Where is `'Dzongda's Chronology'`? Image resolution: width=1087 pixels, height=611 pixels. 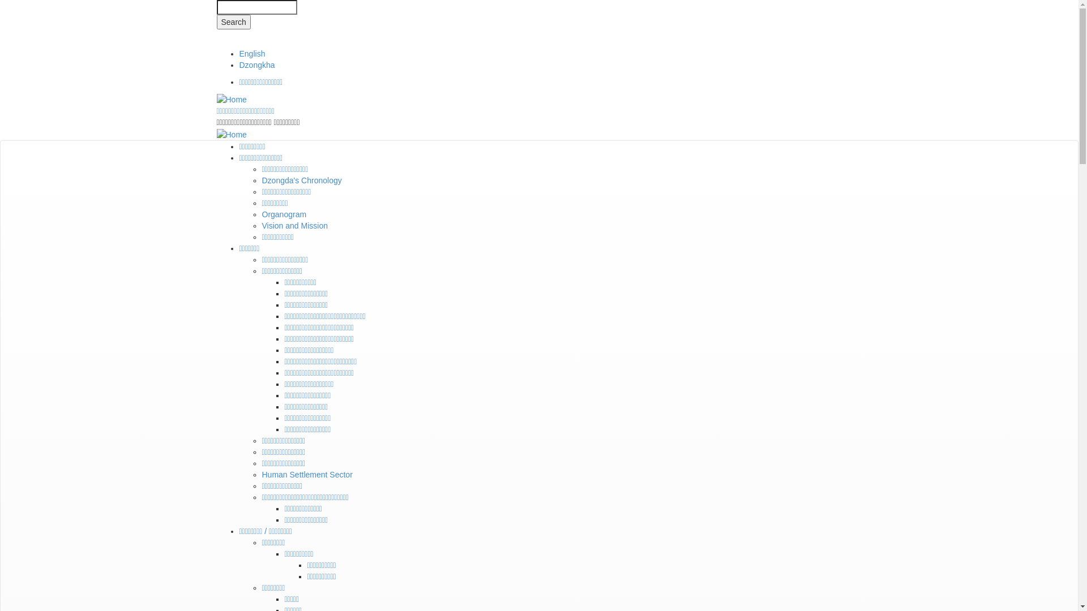
'Dzongda's Chronology' is located at coordinates (301, 180).